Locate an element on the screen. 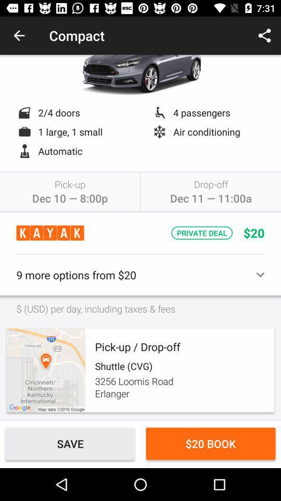 The height and width of the screenshot is (501, 281). 9 more options item is located at coordinates (140, 274).